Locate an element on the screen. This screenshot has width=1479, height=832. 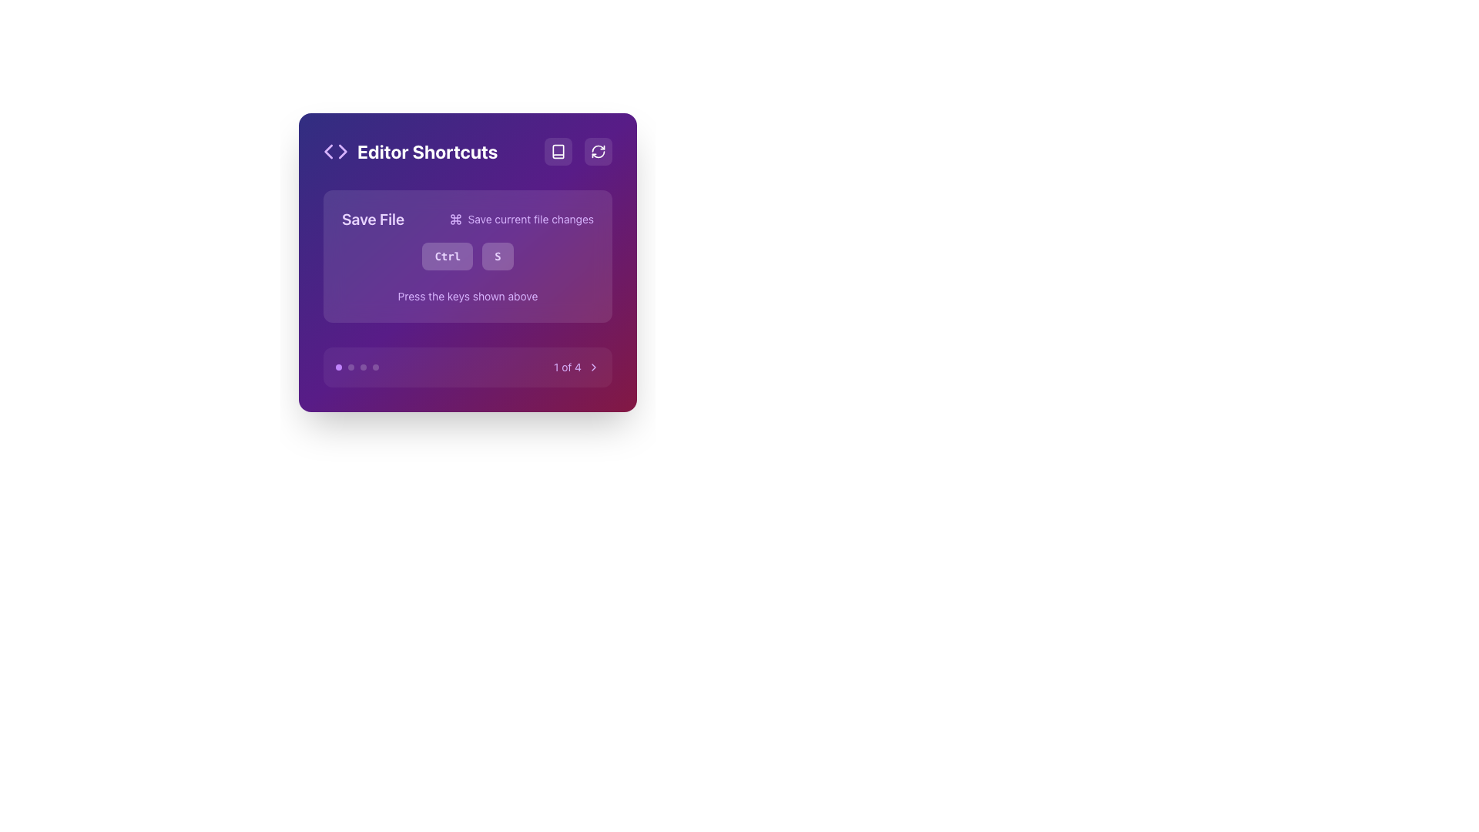
the right-chevron icon on the pager indicator is located at coordinates (576, 367).